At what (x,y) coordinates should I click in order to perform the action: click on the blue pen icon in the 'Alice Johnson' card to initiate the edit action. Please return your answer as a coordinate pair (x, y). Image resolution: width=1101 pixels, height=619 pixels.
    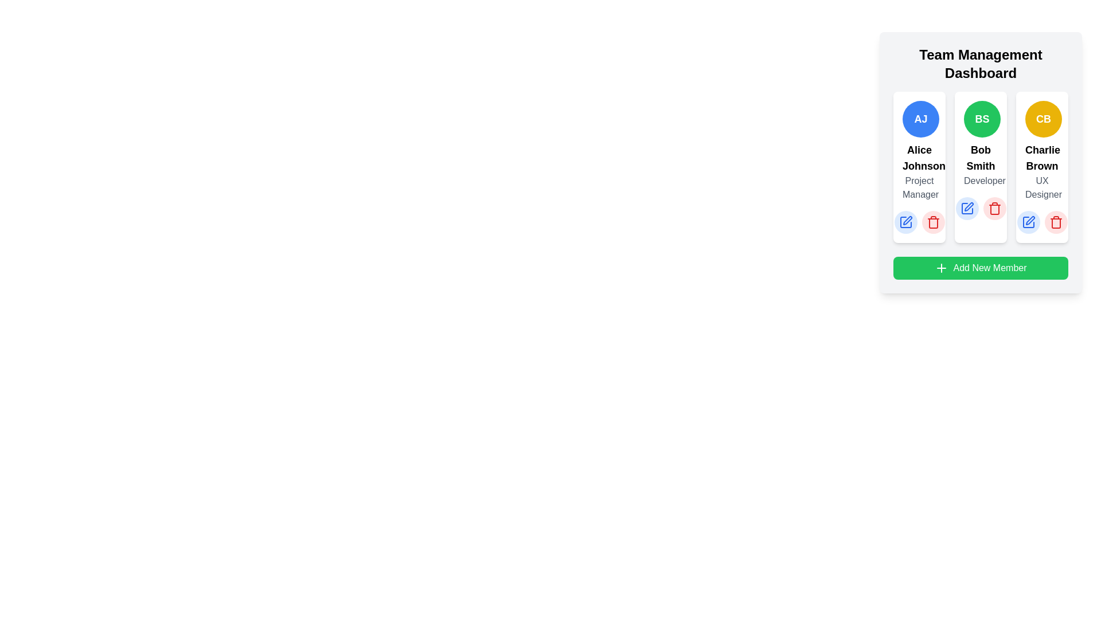
    Looking at the image, I should click on (905, 222).